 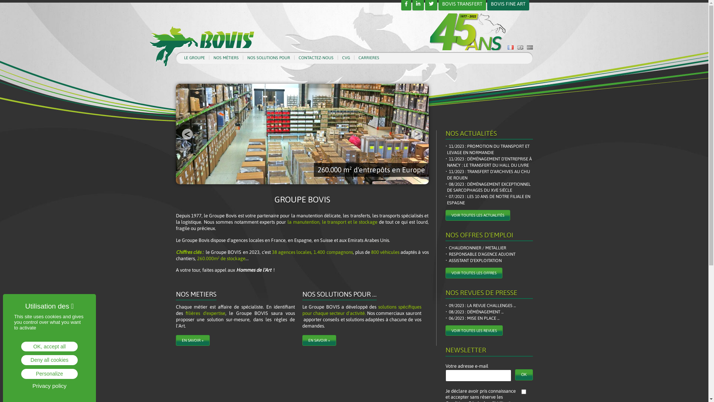 What do you see at coordinates (473, 318) in the screenshot?
I see `'06/2023 : MISE EN PLACE ...'` at bounding box center [473, 318].